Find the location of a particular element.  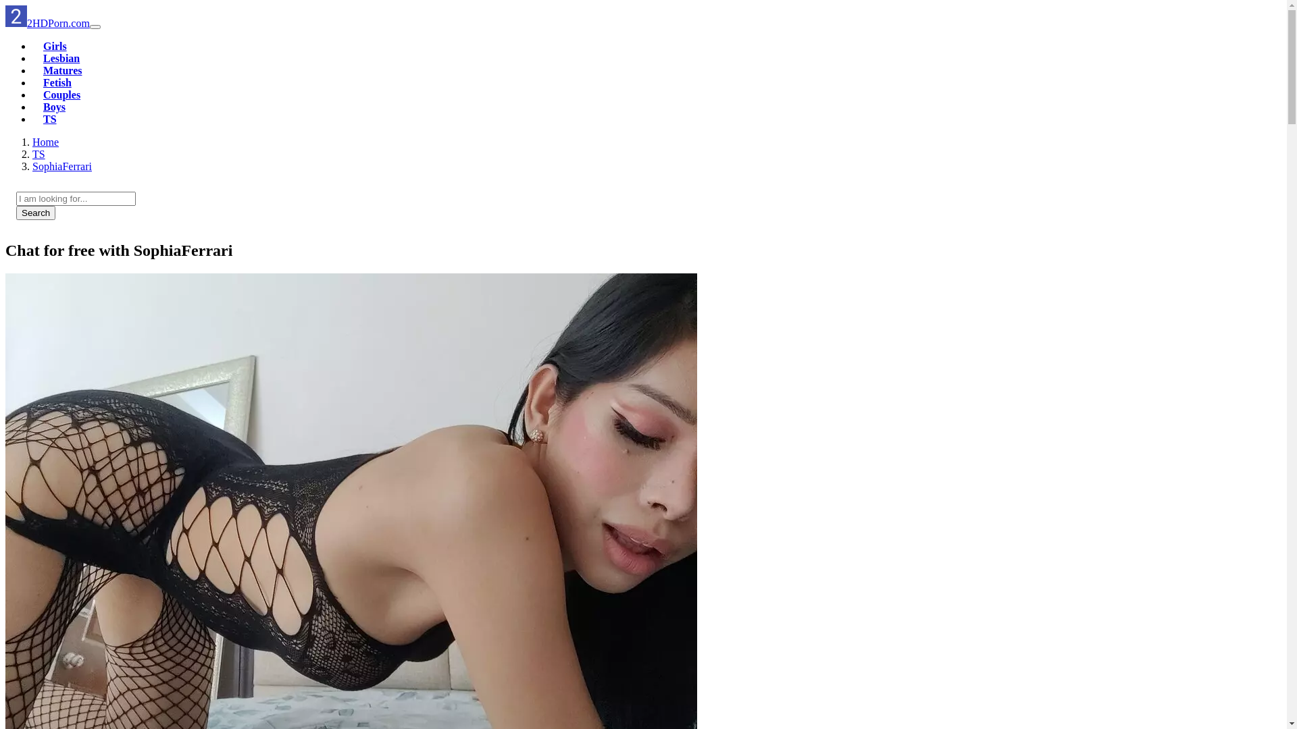

'Boys' is located at coordinates (54, 106).